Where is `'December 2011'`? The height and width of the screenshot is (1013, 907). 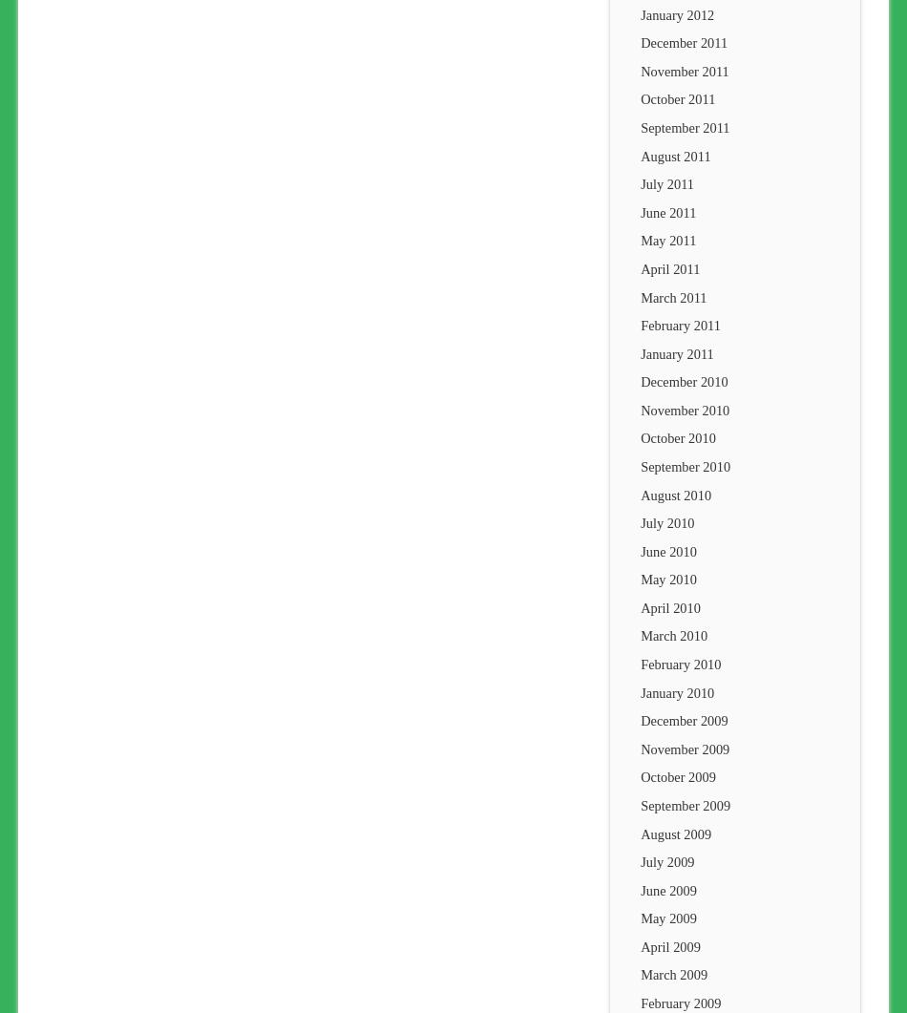 'December 2011' is located at coordinates (640, 42).